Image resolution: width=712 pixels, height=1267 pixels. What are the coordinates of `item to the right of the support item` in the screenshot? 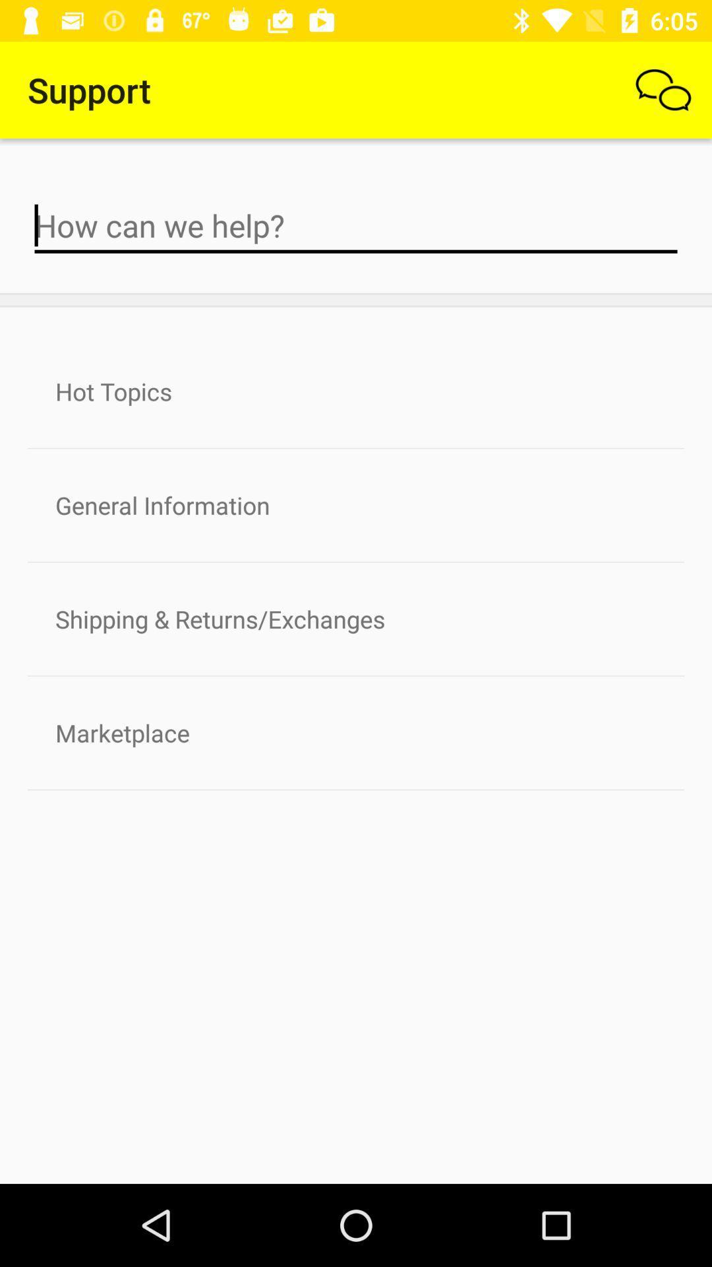 It's located at (663, 89).